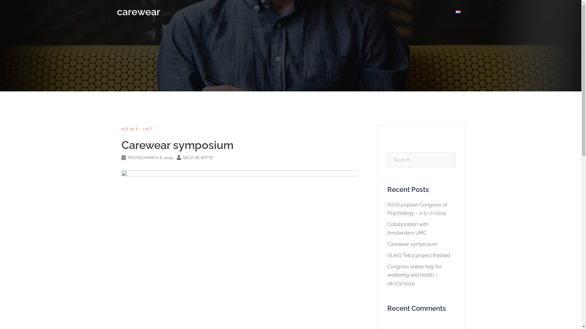 This screenshot has width=586, height=329. What do you see at coordinates (158, 157) in the screenshot?
I see `'MARCH 8, 2019'` at bounding box center [158, 157].